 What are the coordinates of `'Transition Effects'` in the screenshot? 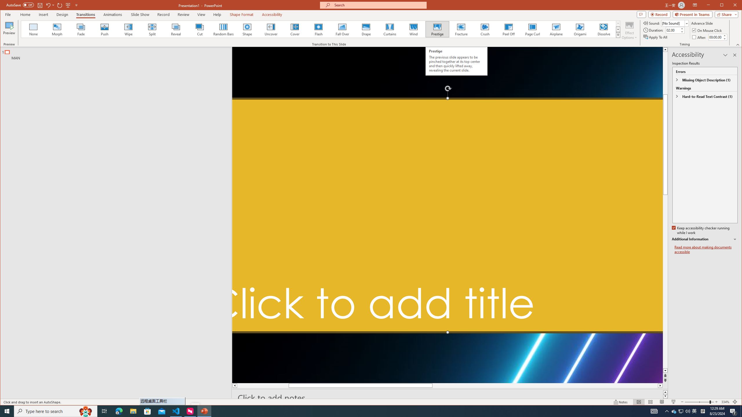 It's located at (618, 34).